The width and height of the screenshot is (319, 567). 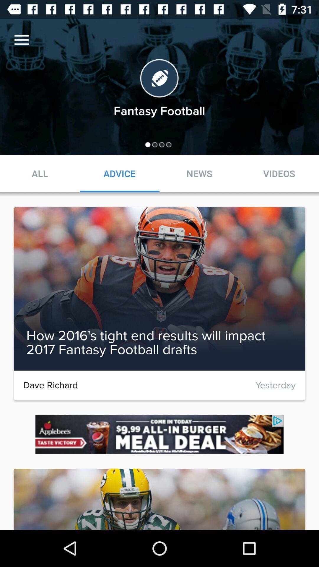 What do you see at coordinates (159, 434) in the screenshot?
I see `clickable advertisement` at bounding box center [159, 434].